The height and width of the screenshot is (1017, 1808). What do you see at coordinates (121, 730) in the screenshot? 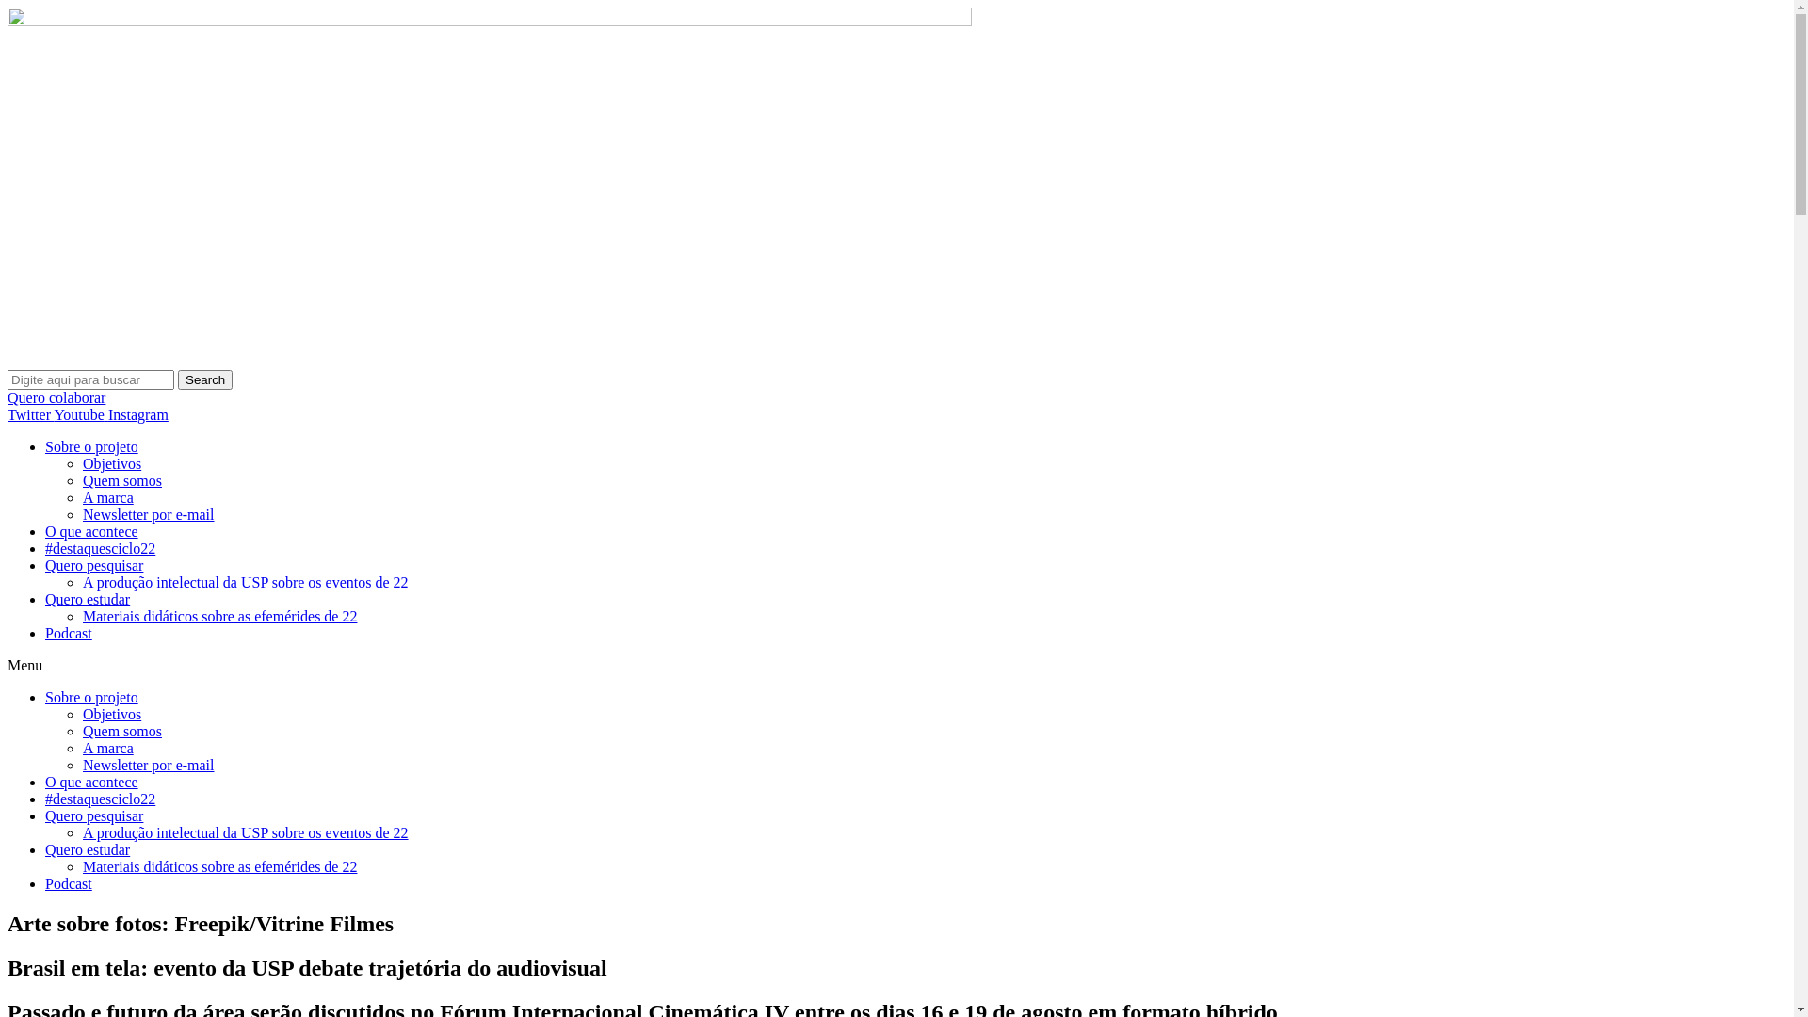
I see `'Quem somos'` at bounding box center [121, 730].